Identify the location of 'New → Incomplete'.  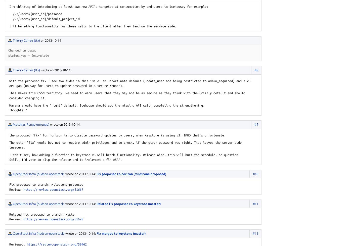
(35, 55).